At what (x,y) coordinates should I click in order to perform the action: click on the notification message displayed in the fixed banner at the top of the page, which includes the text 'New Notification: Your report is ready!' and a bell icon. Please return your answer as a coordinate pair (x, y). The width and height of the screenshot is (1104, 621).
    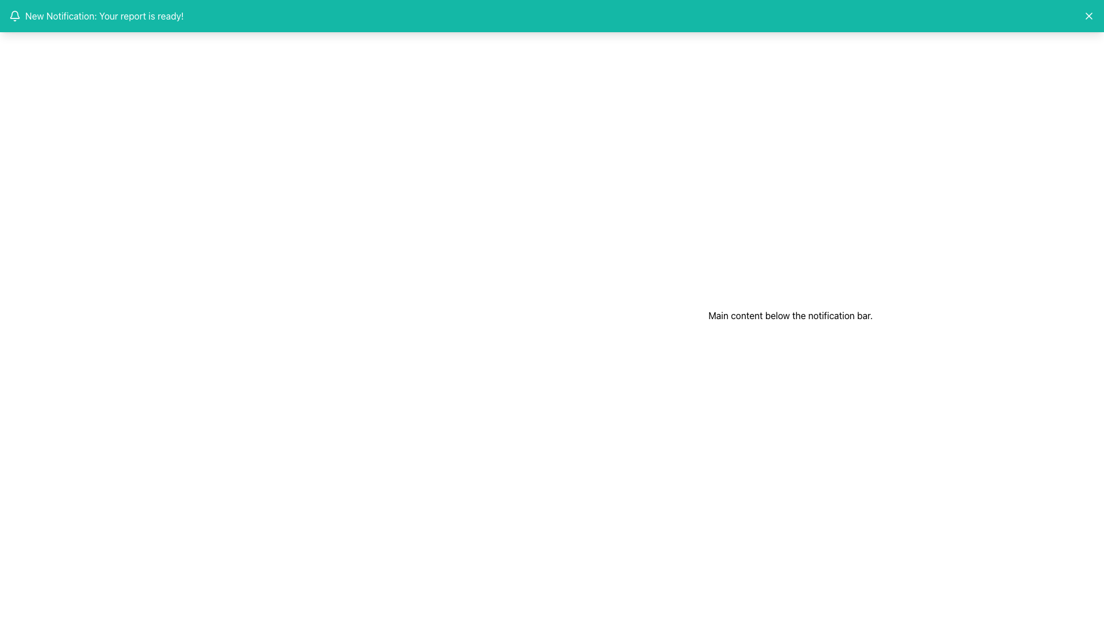
    Looking at the image, I should click on (96, 16).